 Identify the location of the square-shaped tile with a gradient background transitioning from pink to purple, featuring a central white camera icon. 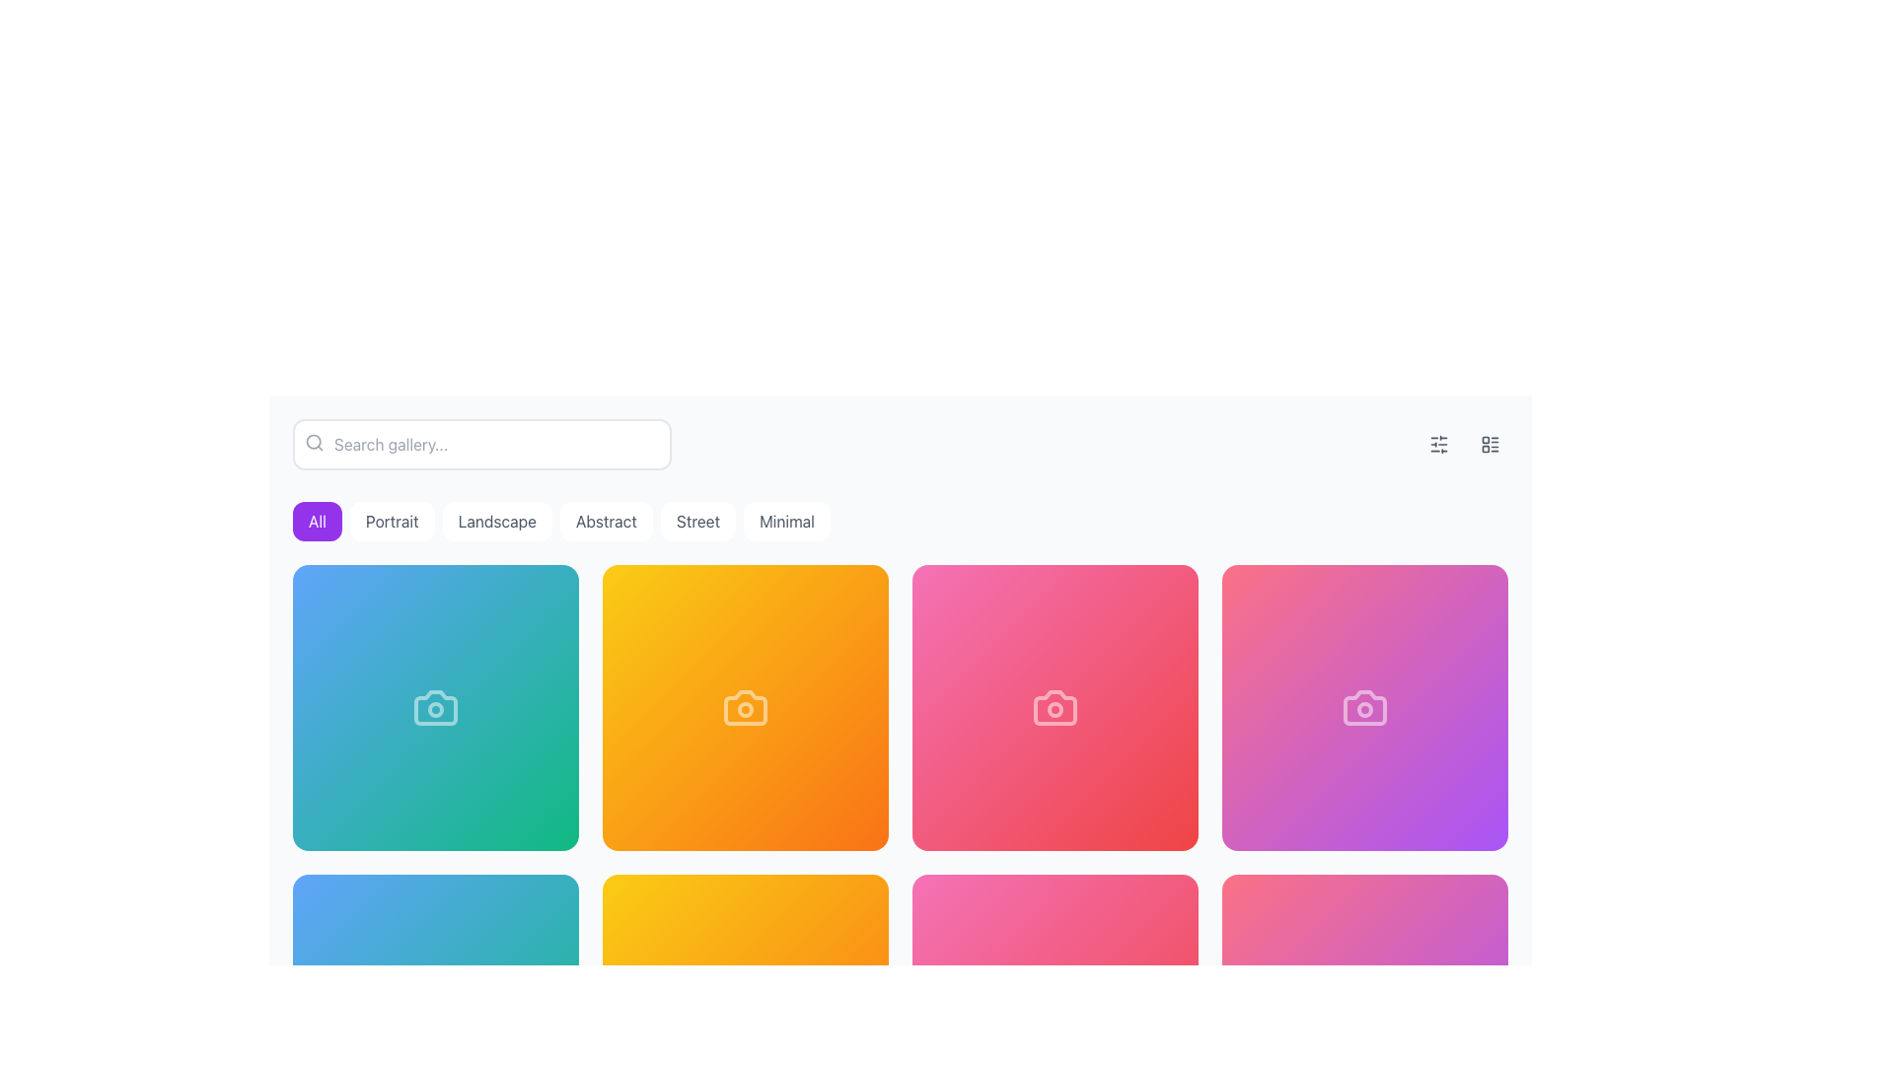
(1363, 706).